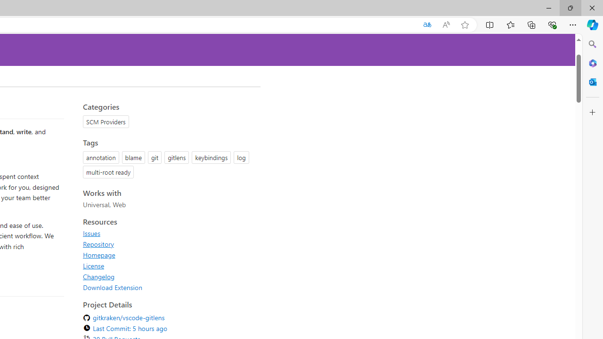 This screenshot has width=603, height=339. Describe the element at coordinates (426, 24) in the screenshot. I see `'Translated'` at that location.